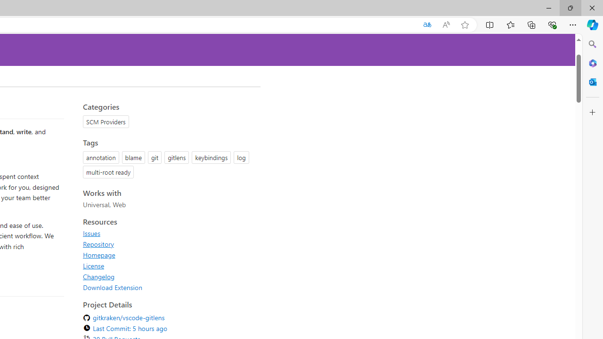 This screenshot has width=603, height=339. Describe the element at coordinates (426, 24) in the screenshot. I see `'Translated'` at that location.